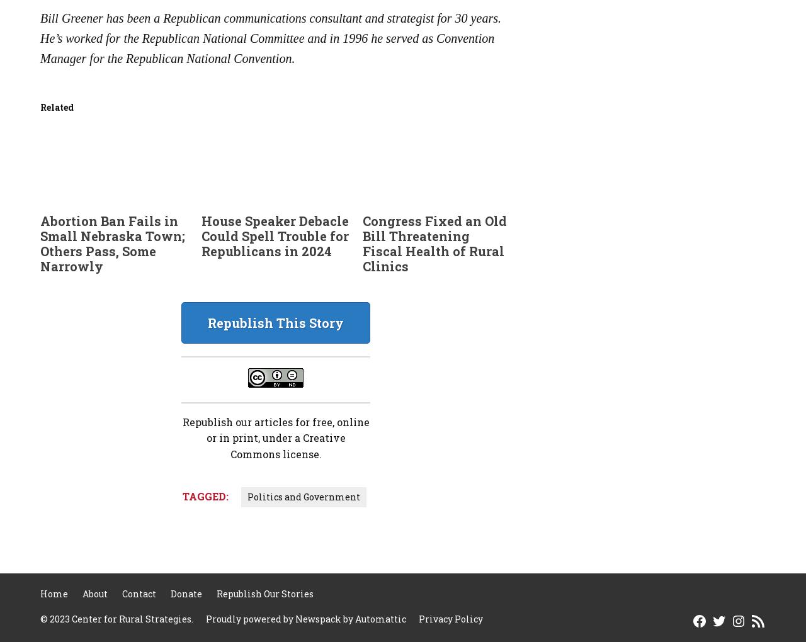 Image resolution: width=806 pixels, height=642 pixels. What do you see at coordinates (451, 619) in the screenshot?
I see `'Privacy Policy'` at bounding box center [451, 619].